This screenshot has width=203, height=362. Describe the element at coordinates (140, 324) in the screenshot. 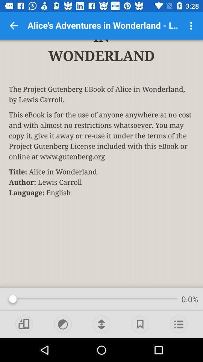

I see `the bookmark icon` at that location.